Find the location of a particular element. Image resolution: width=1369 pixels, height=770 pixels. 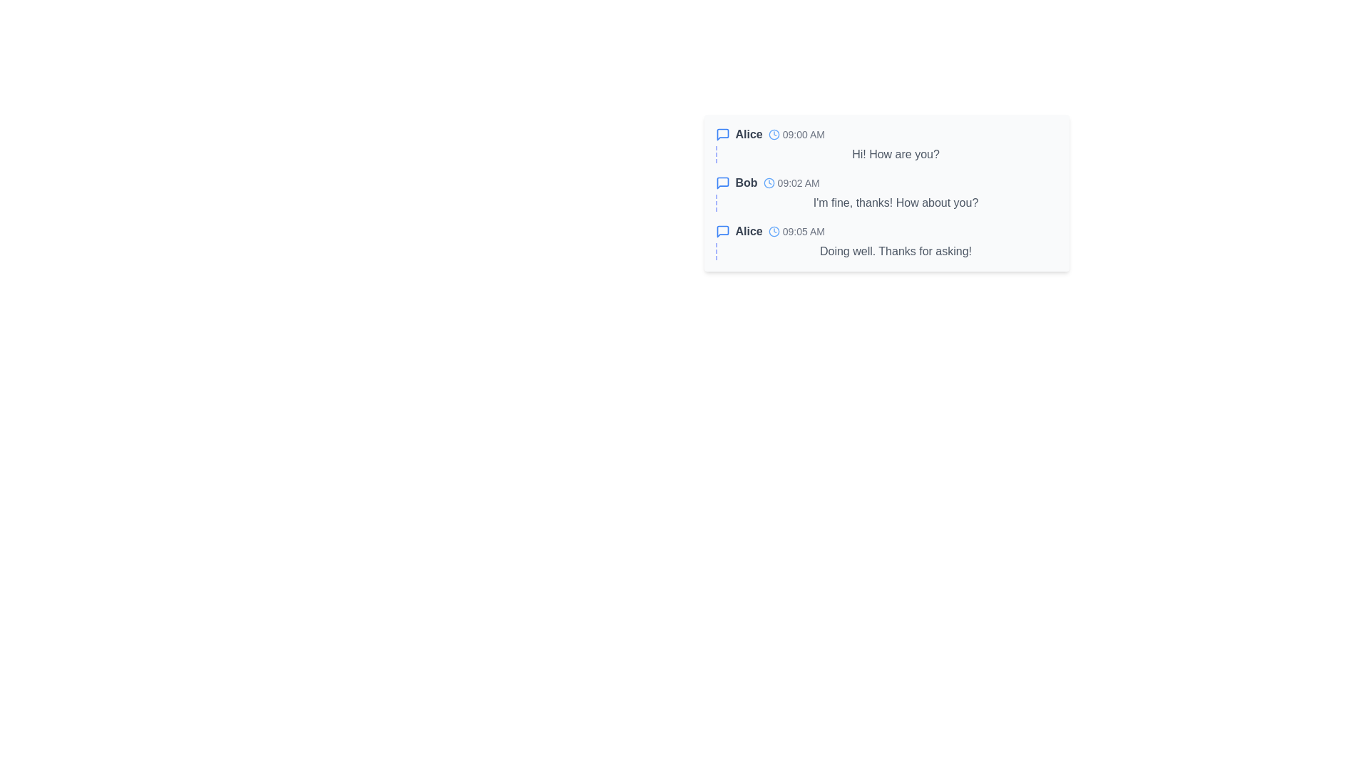

the first Chat message component from Alice, displaying the message 'Hi! How are you?' to show context options is located at coordinates (886, 145).